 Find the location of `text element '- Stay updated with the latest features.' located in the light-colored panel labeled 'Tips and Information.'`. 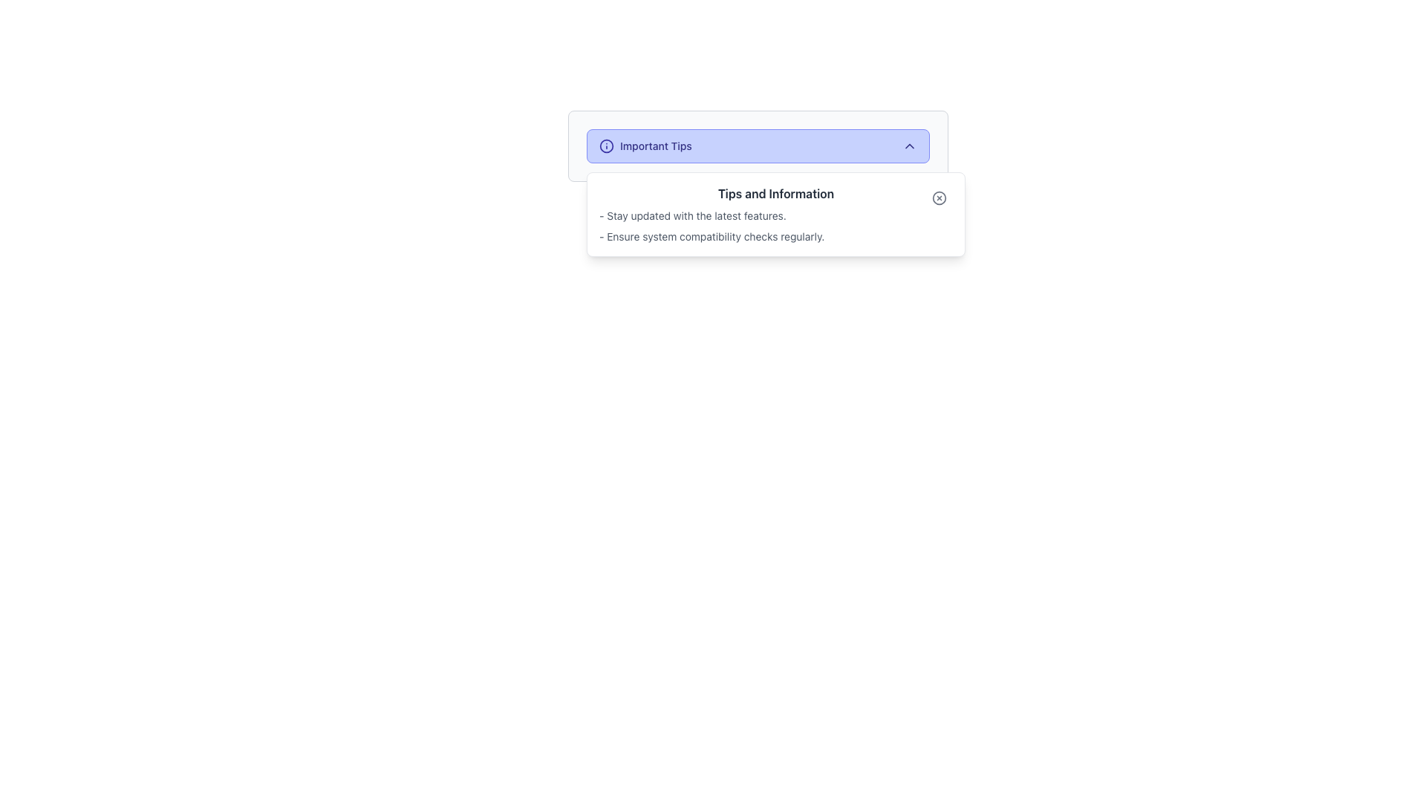

text element '- Stay updated with the latest features.' located in the light-colored panel labeled 'Tips and Information.' is located at coordinates (775, 215).